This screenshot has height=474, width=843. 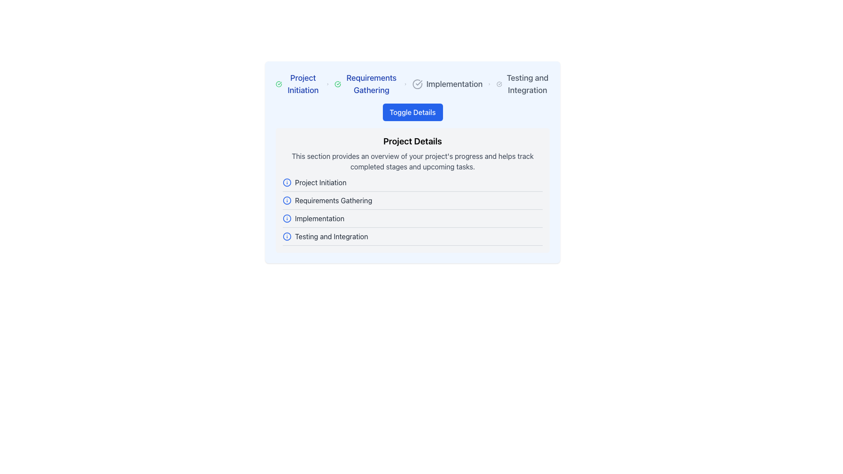 I want to click on the Informational icon with a blue outline located at the far left of the 'Requirements Gathering' row, so click(x=287, y=200).